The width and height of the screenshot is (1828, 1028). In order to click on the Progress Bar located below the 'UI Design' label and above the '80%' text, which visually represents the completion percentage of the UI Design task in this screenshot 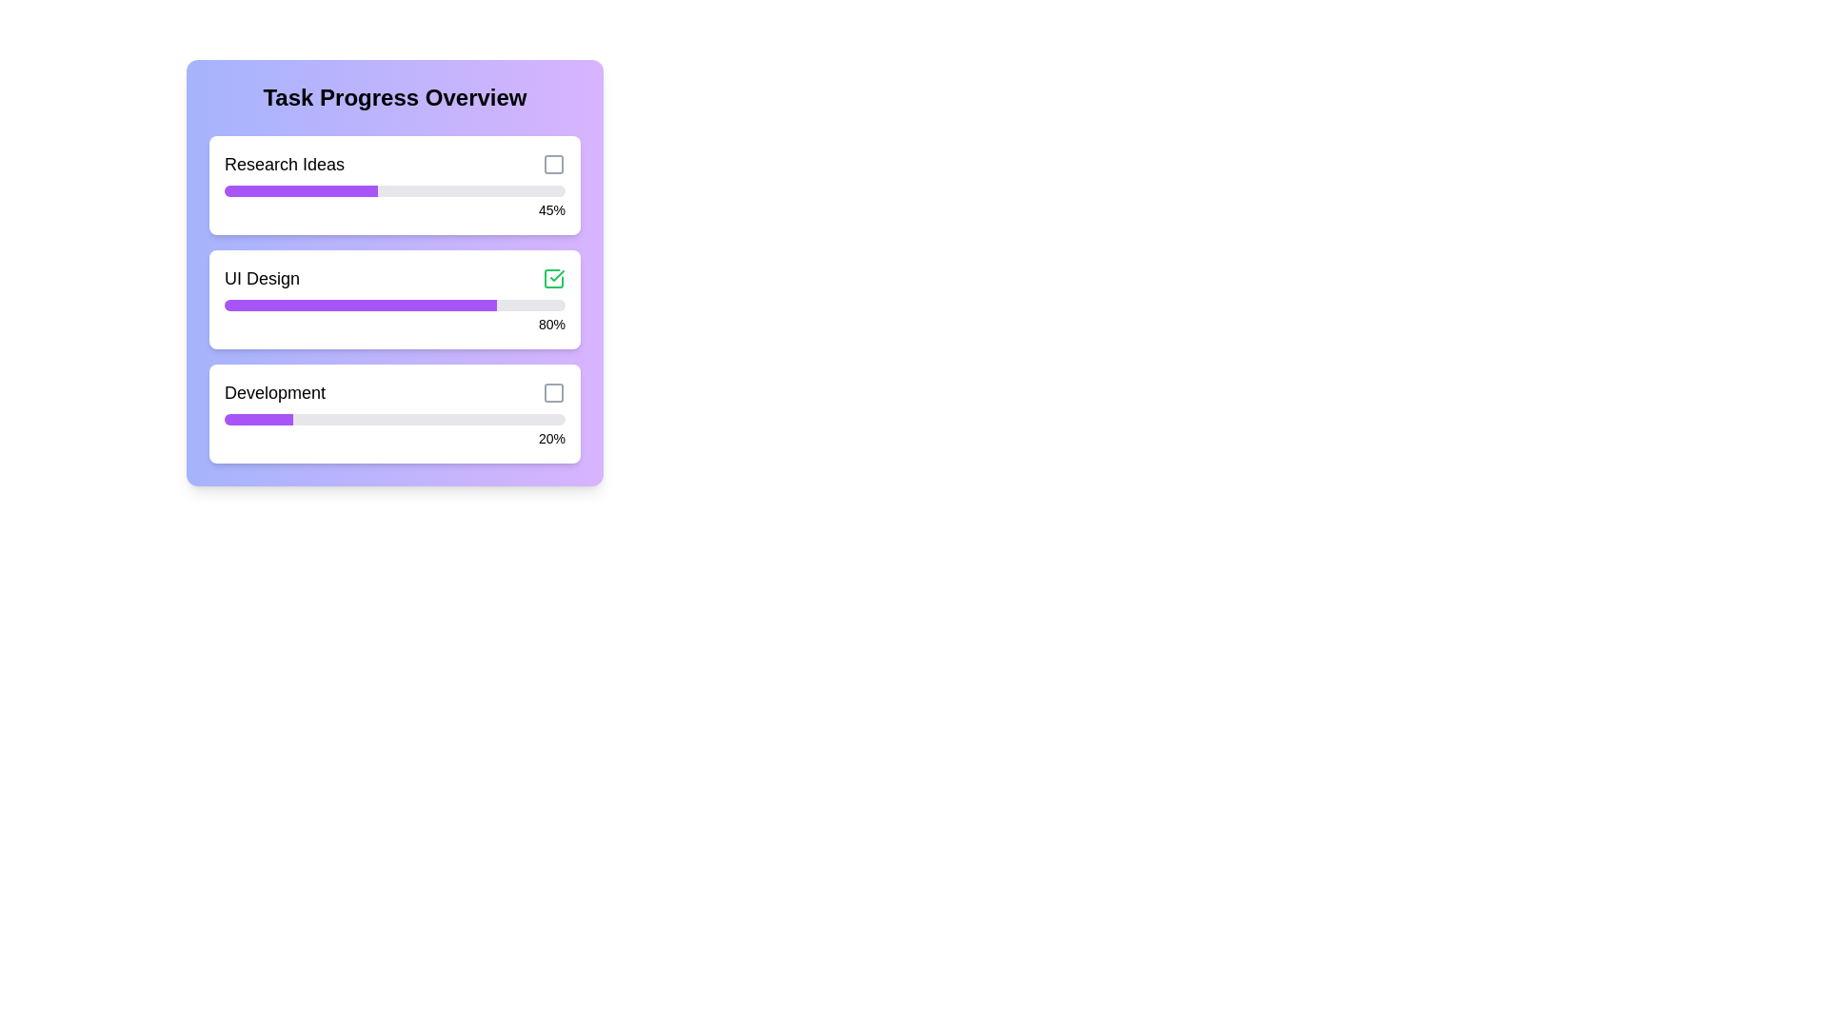, I will do `click(393, 304)`.